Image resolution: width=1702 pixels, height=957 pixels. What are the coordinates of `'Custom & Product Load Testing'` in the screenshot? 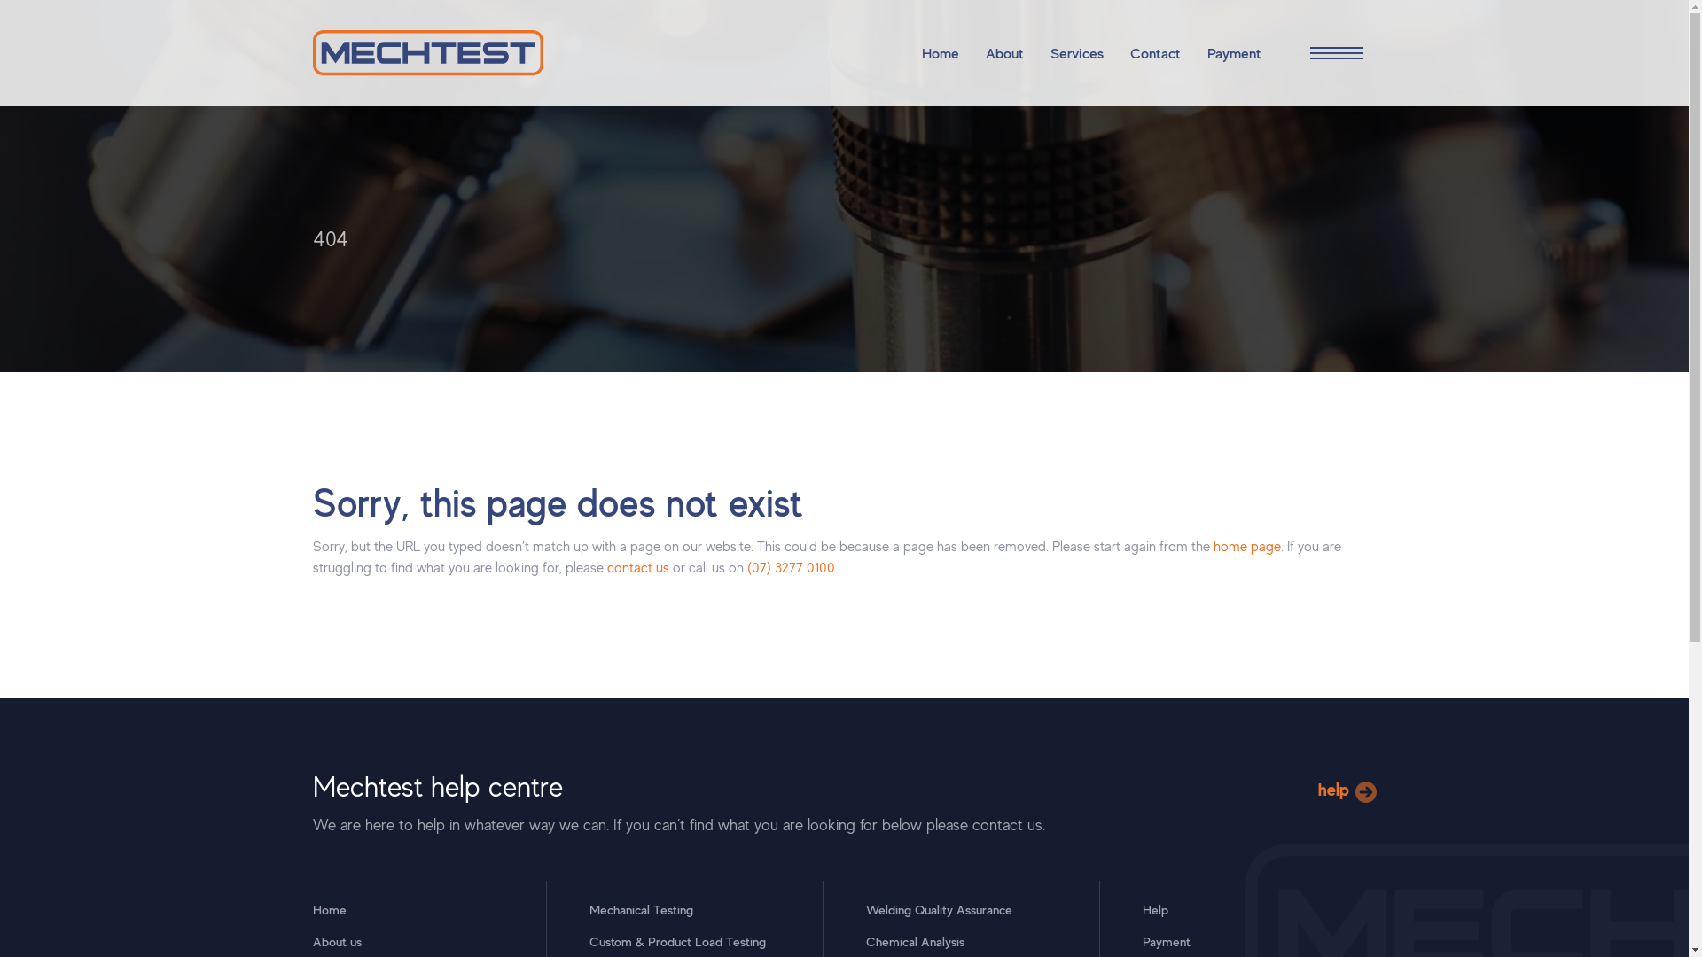 It's located at (588, 940).